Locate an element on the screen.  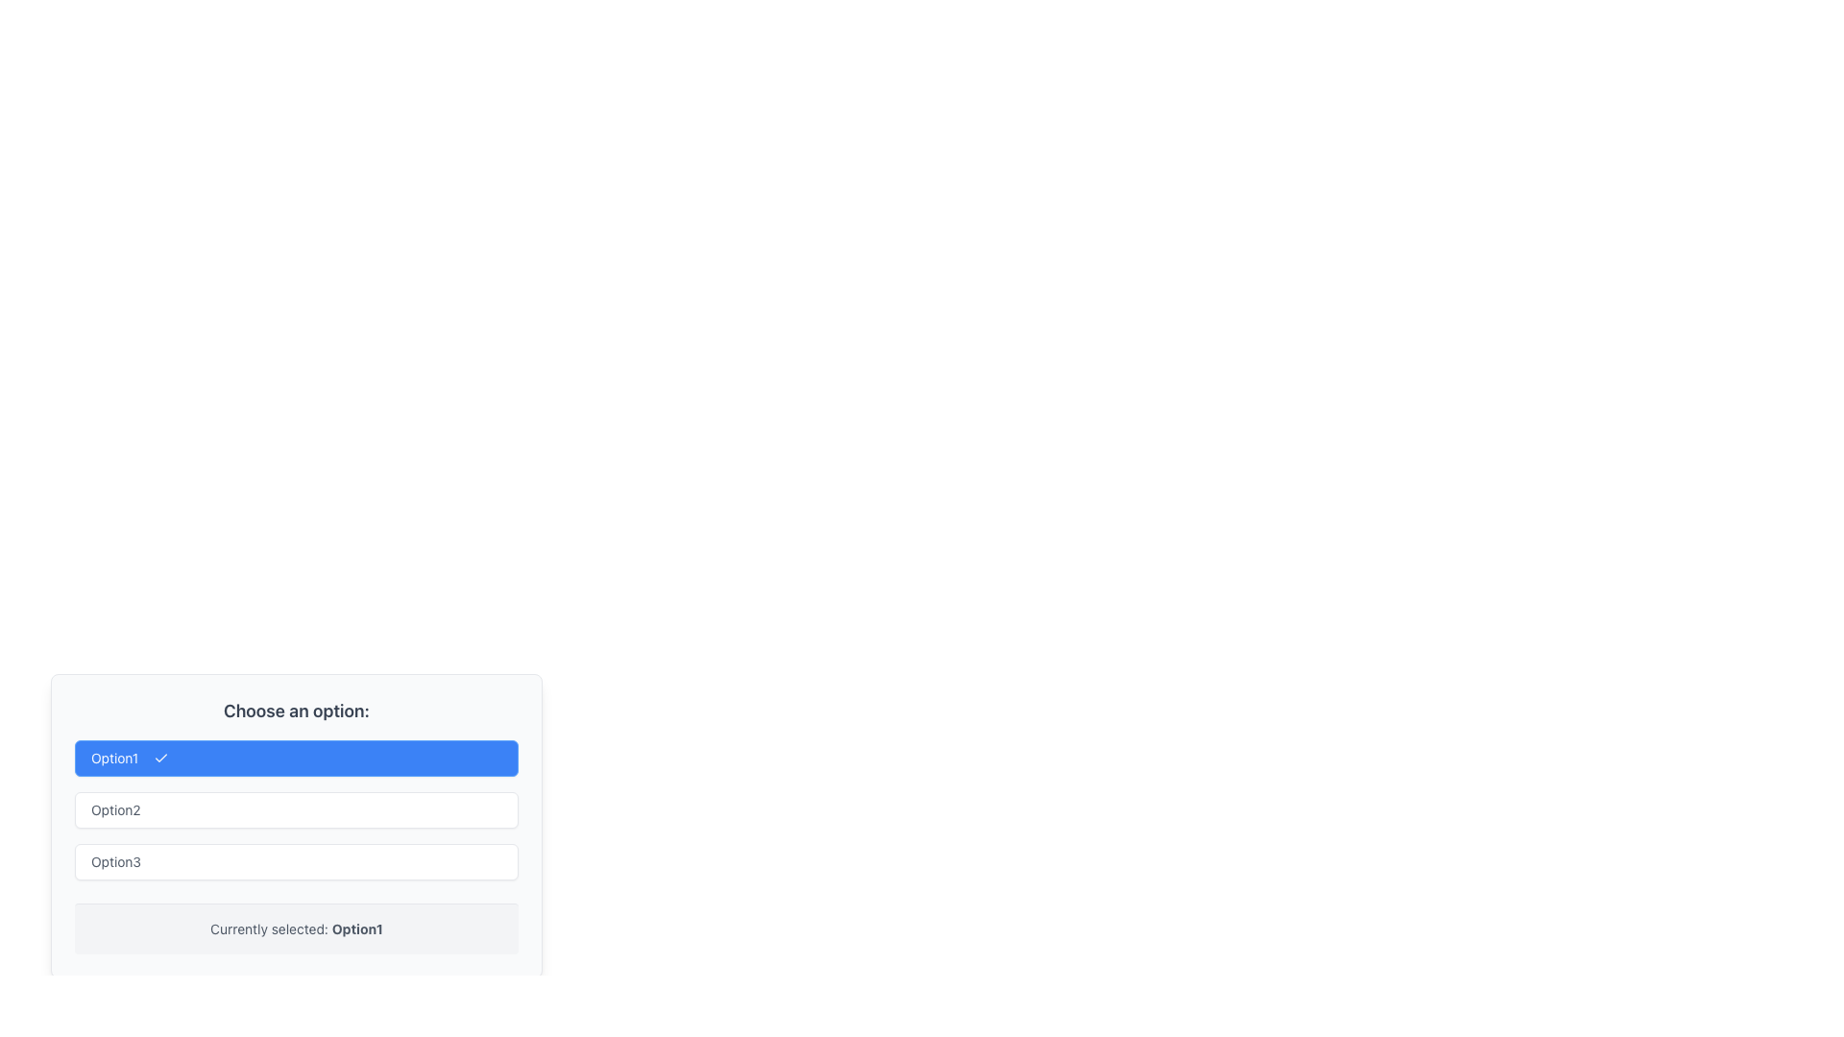
the confirmation icon indicating the selection of the 'Option1' button, located adjacent to the label 'Option1' in the options list is located at coordinates (161, 758).